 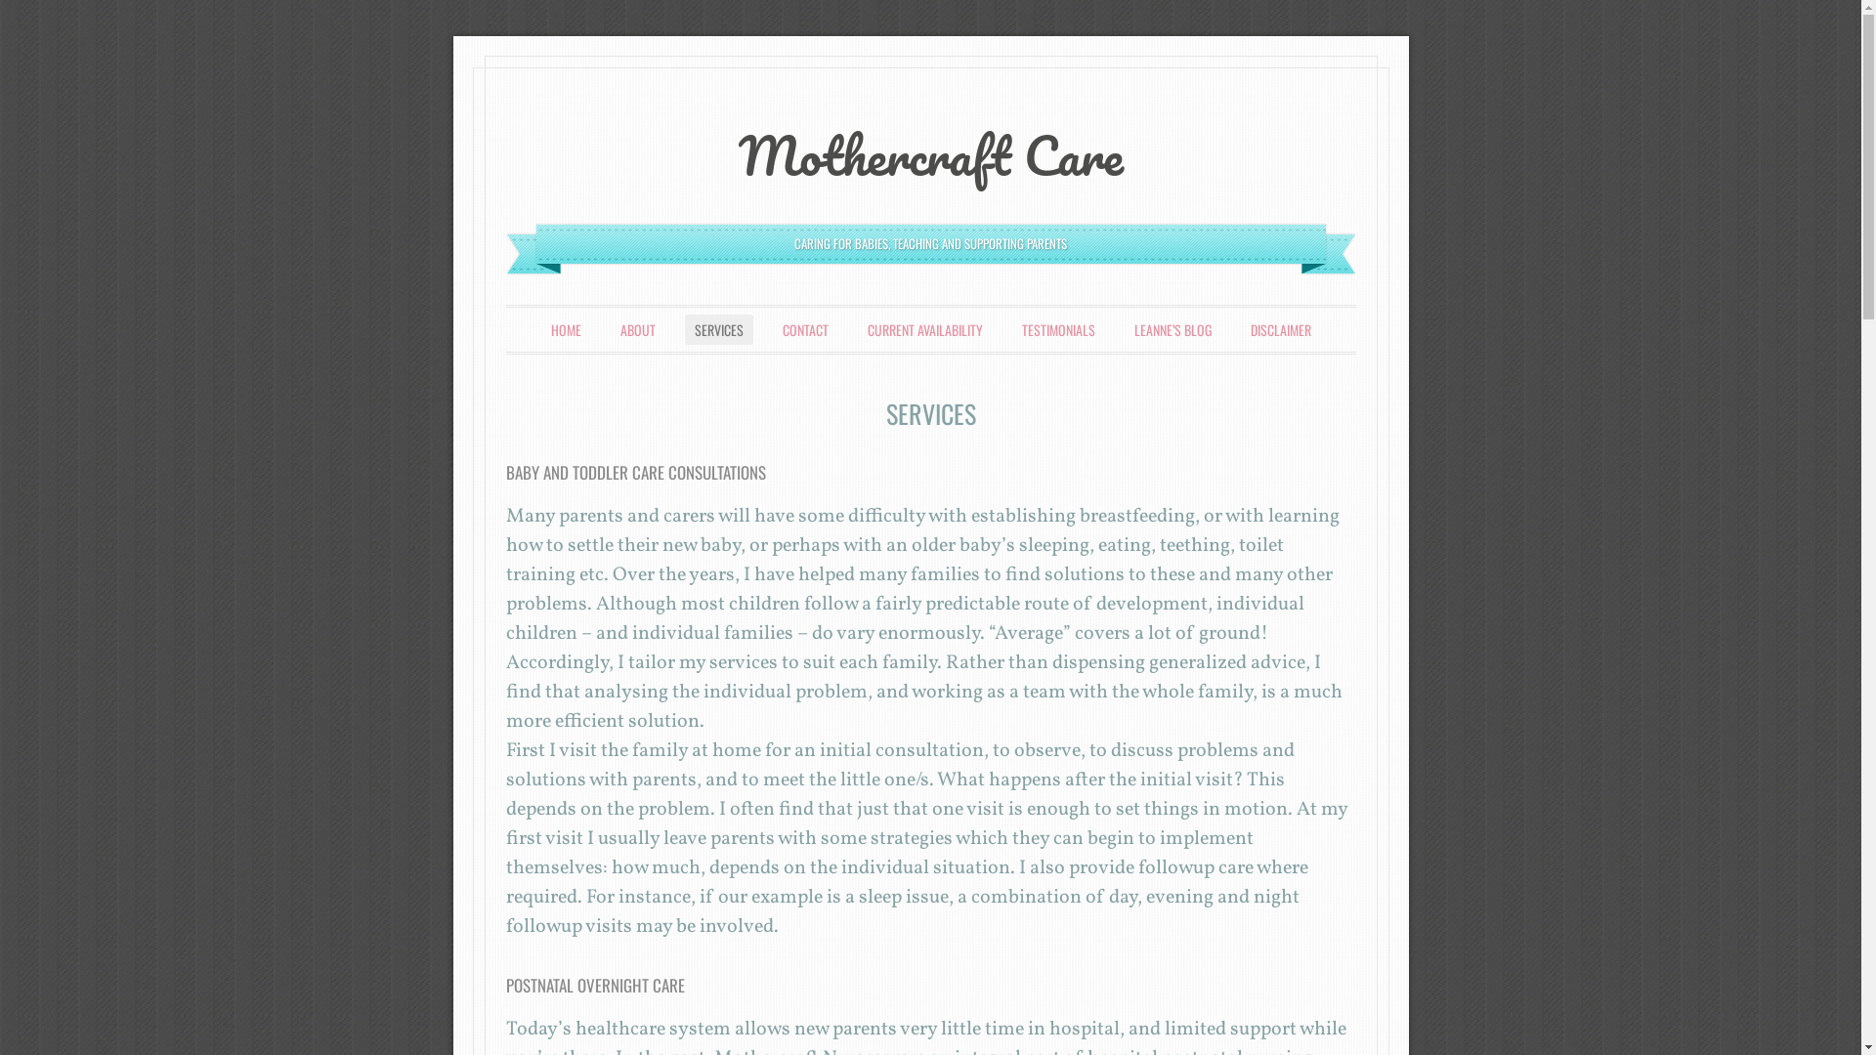 I want to click on 'DISCLAIMER', so click(x=1280, y=328).